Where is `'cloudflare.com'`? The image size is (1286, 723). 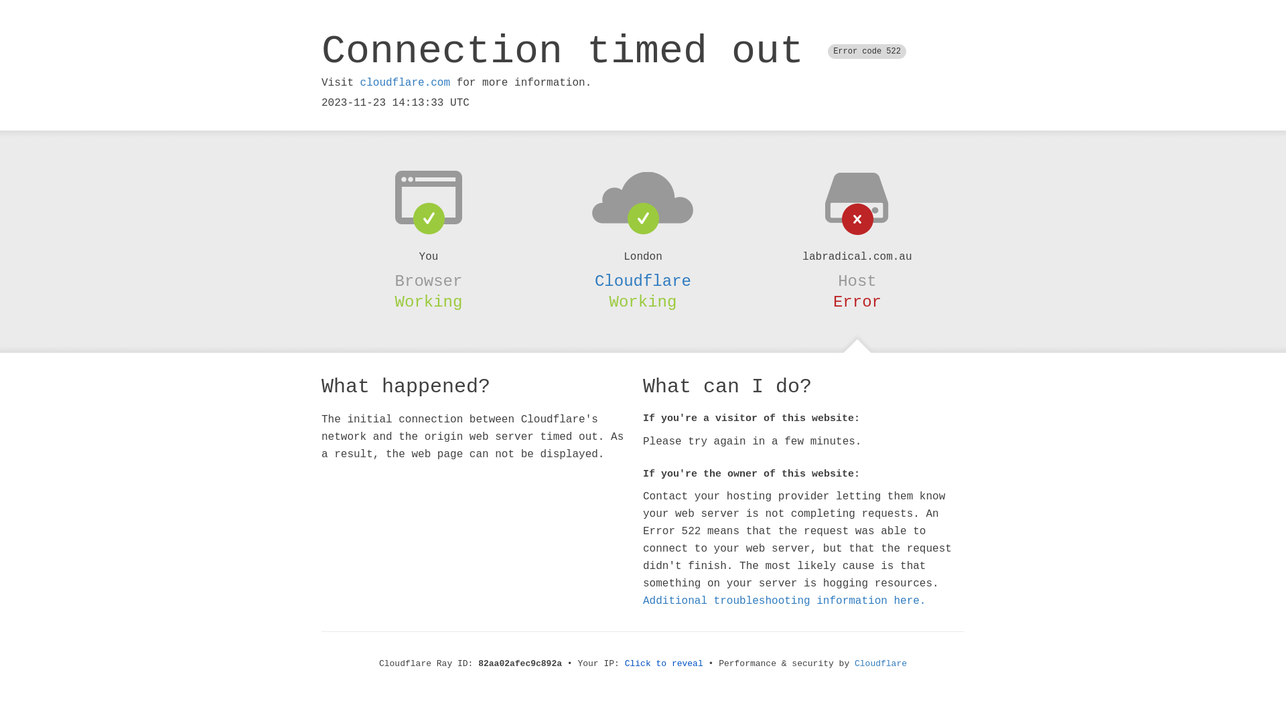
'cloudflare.com' is located at coordinates (360, 82).